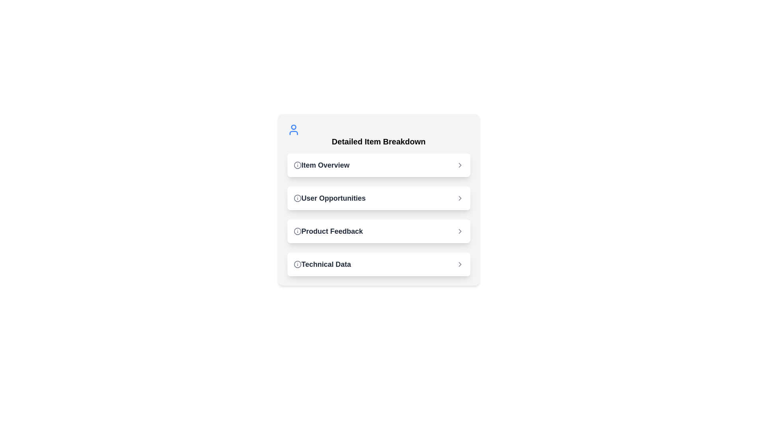 This screenshot has height=425, width=757. What do you see at coordinates (328, 231) in the screenshot?
I see `the 'Product Feedback' menu option, which is the third item in a vertical list of options, positioned below 'User Opportunities' and above 'Technical Data'` at bounding box center [328, 231].